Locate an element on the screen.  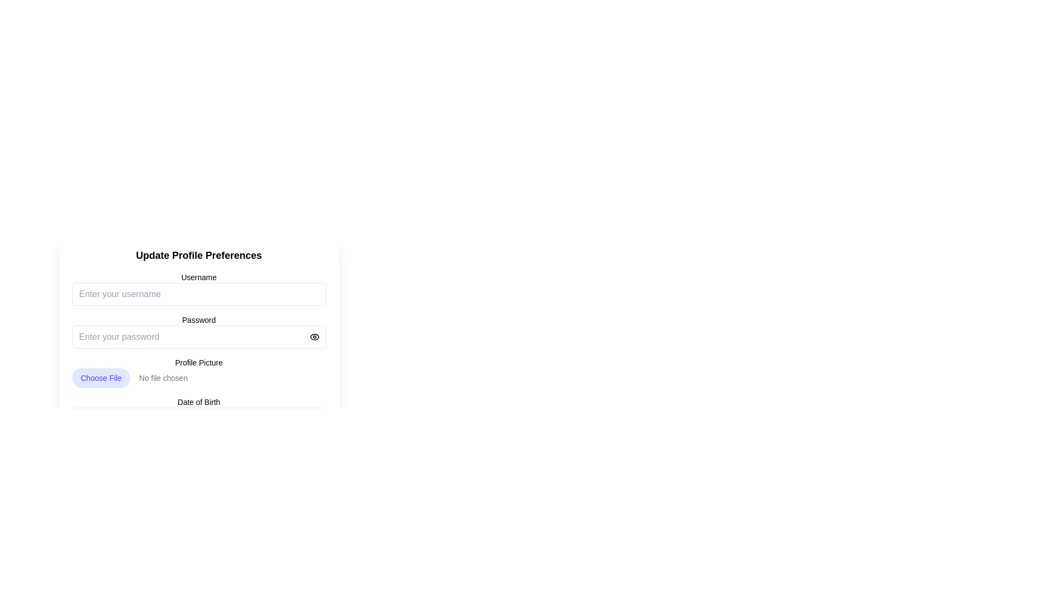
the prominently styled static text header that reads 'Update Profile Preferences', which is centered at the top of the form layout is located at coordinates (199, 255).